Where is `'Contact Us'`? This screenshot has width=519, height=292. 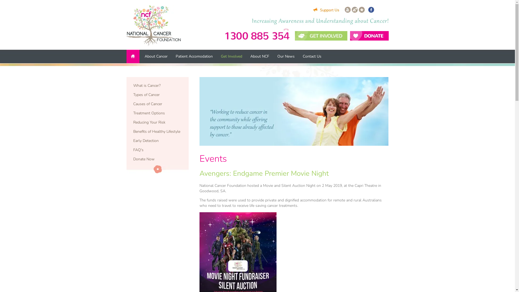 'Contact Us' is located at coordinates (312, 56).